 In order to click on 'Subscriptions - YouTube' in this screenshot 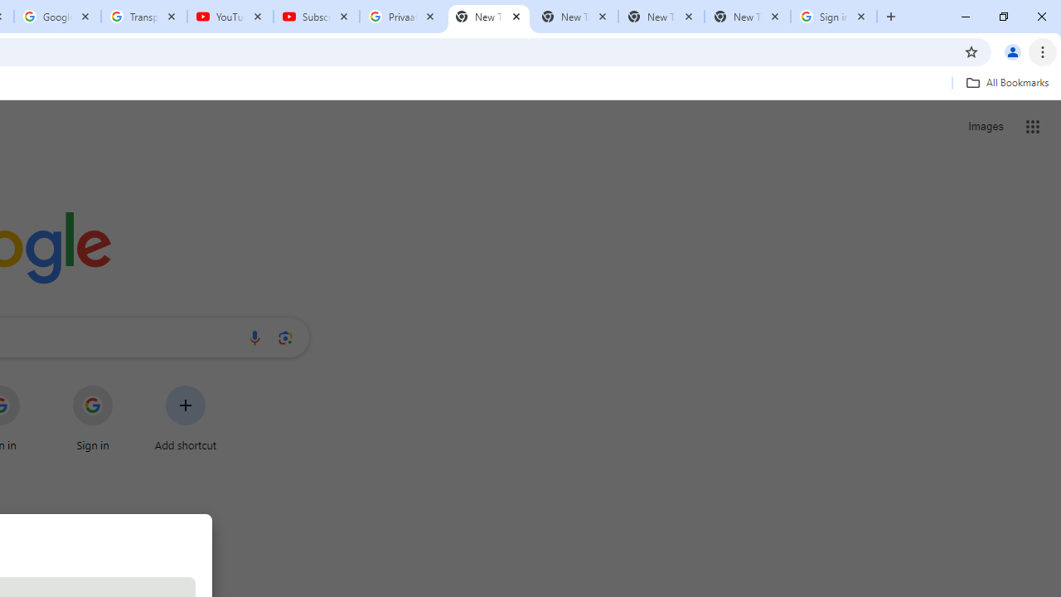, I will do `click(317, 17)`.